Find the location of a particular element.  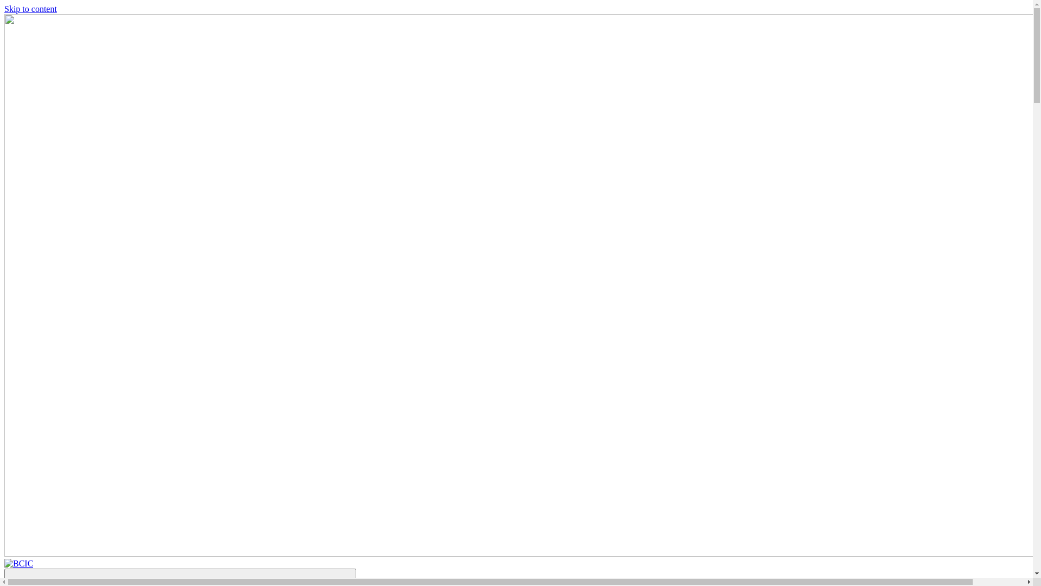

'Skip to content' is located at coordinates (30, 9).